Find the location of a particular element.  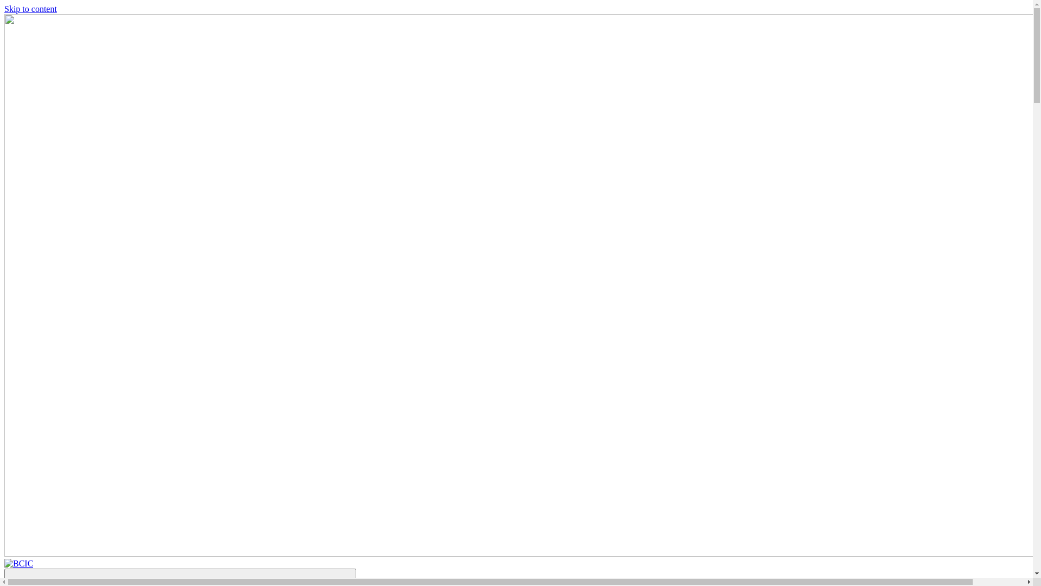

'Skip to content' is located at coordinates (30, 9).